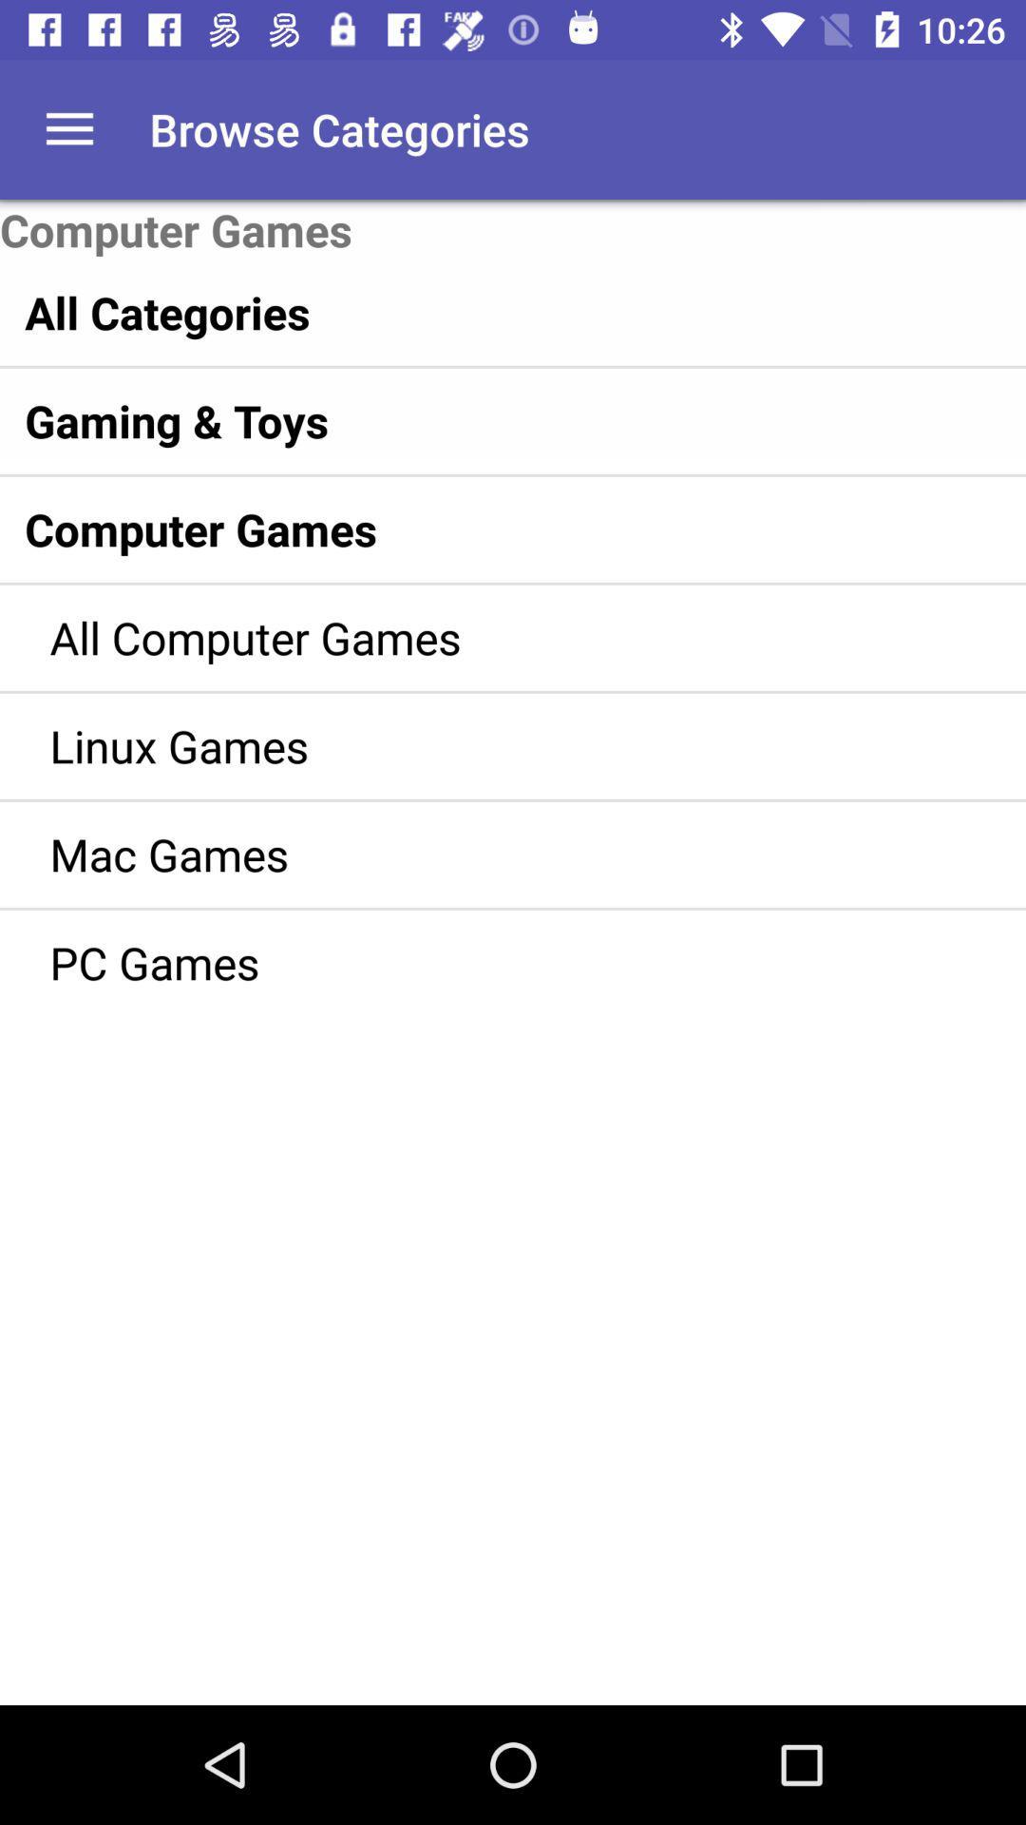  What do you see at coordinates (68, 128) in the screenshot?
I see `other menu items` at bounding box center [68, 128].